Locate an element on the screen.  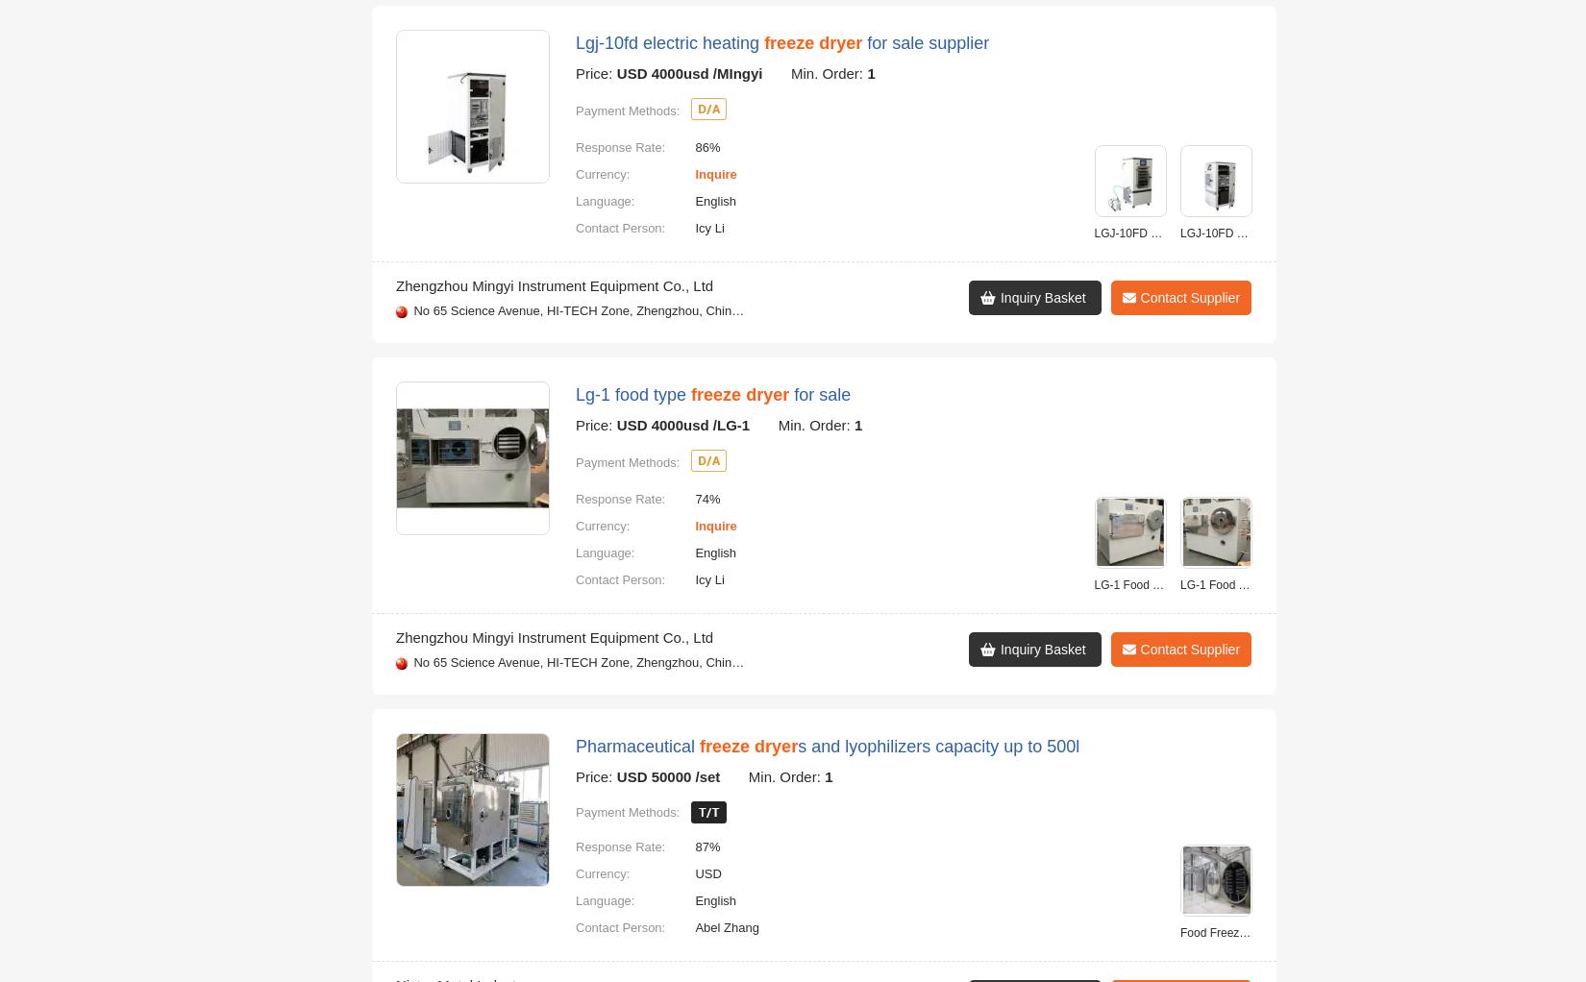
'Post a Sourcing Request Now' is located at coordinates (671, 929).